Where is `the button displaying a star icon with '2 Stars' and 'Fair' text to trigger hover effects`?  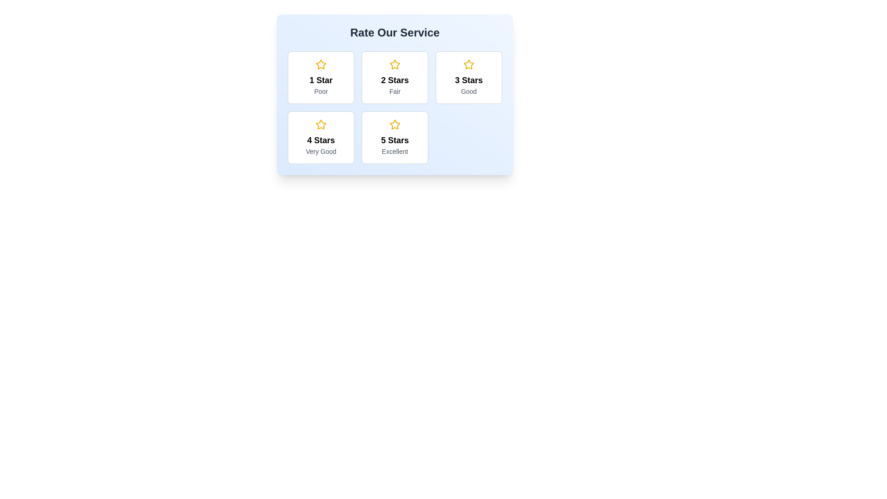 the button displaying a star icon with '2 Stars' and 'Fair' text to trigger hover effects is located at coordinates (395, 77).